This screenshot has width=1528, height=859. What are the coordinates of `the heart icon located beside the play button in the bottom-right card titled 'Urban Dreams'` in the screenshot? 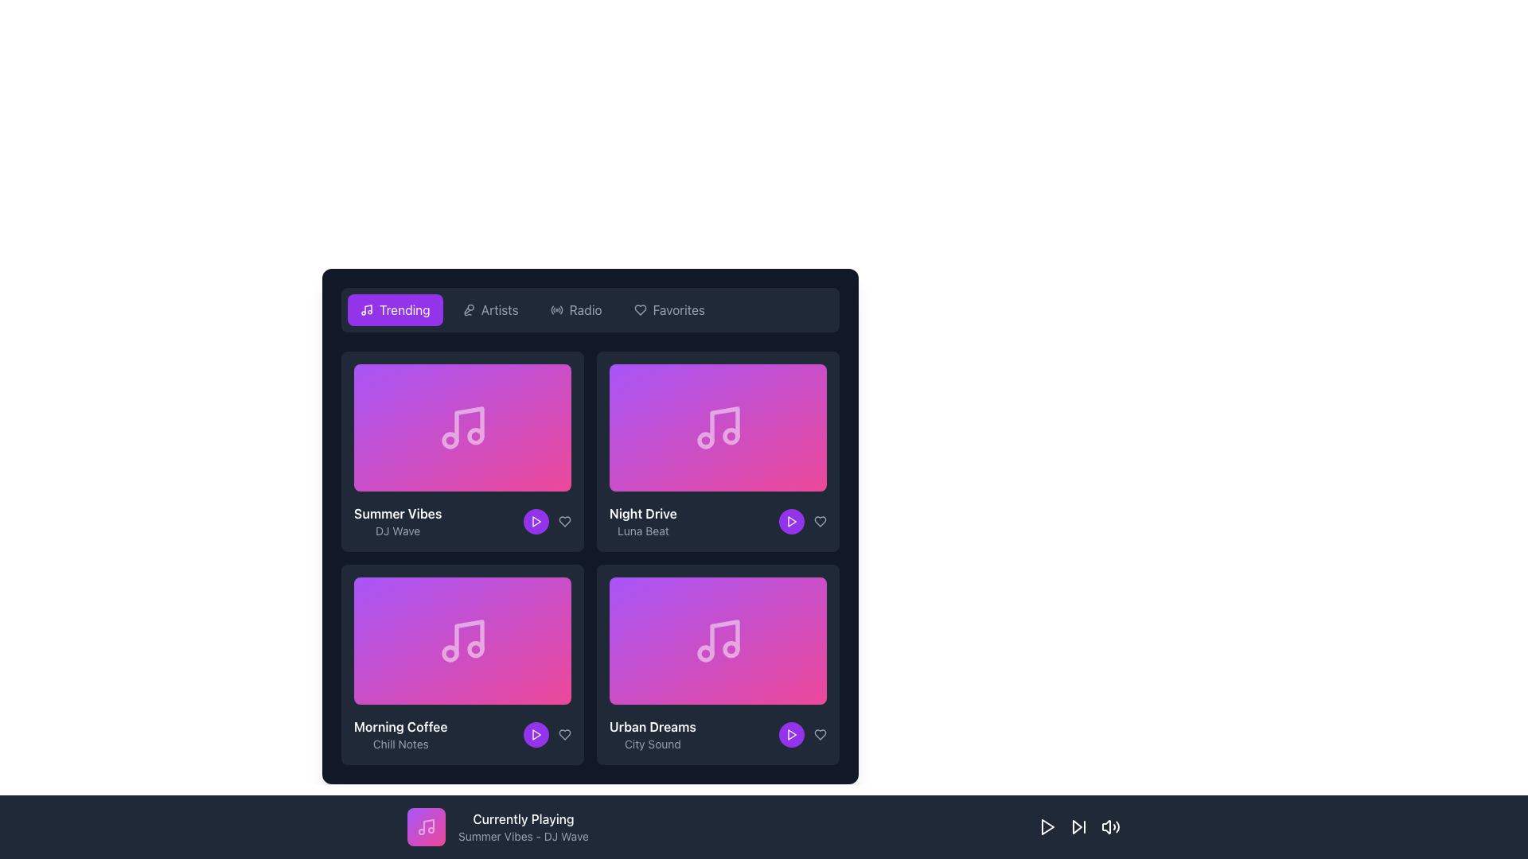 It's located at (821, 735).